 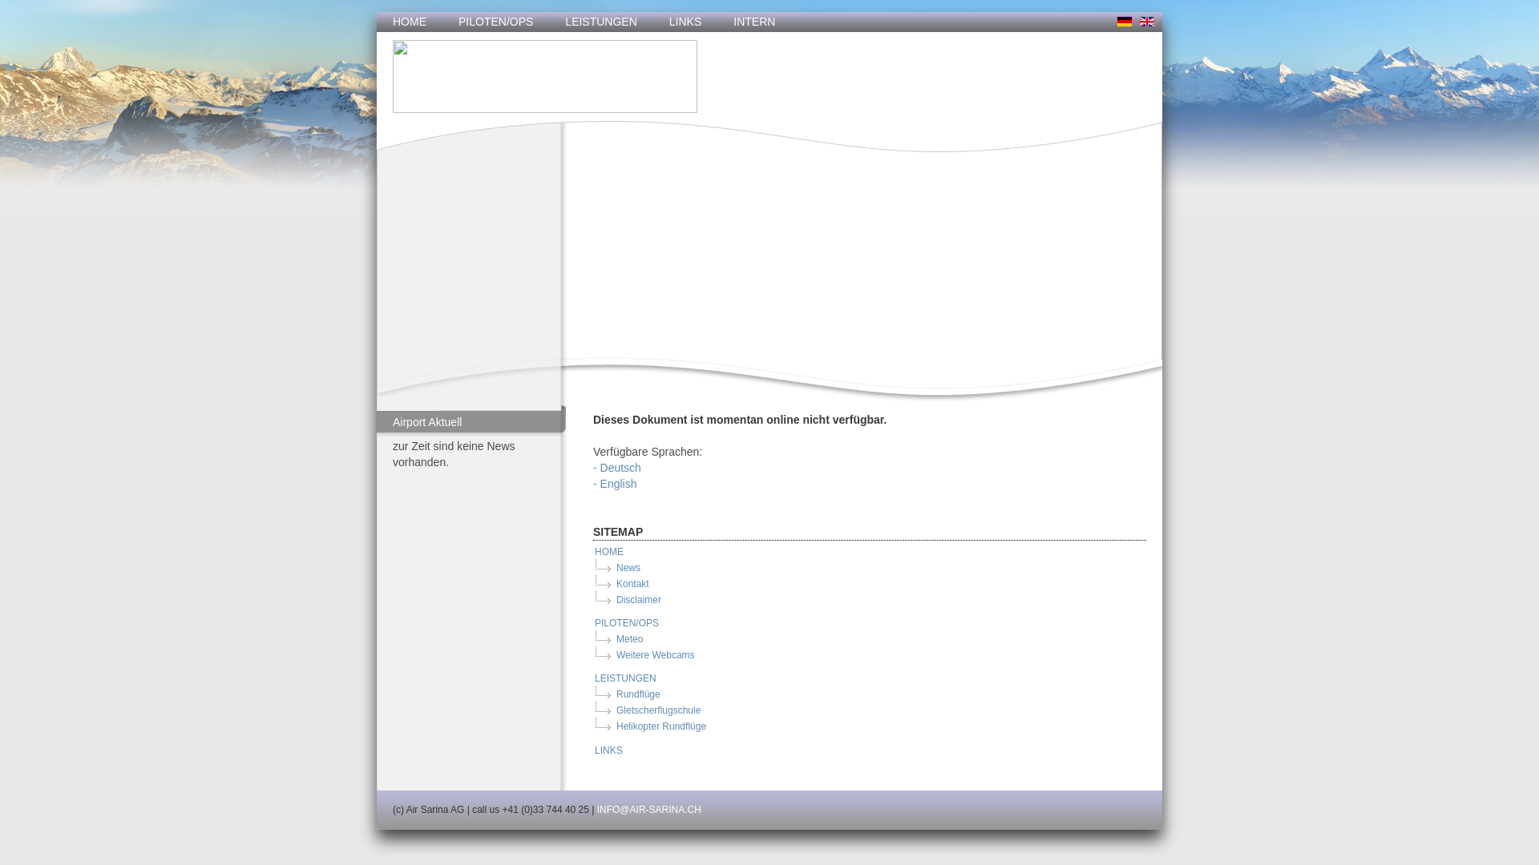 I want to click on 'Weitere Webcams', so click(x=654, y=654).